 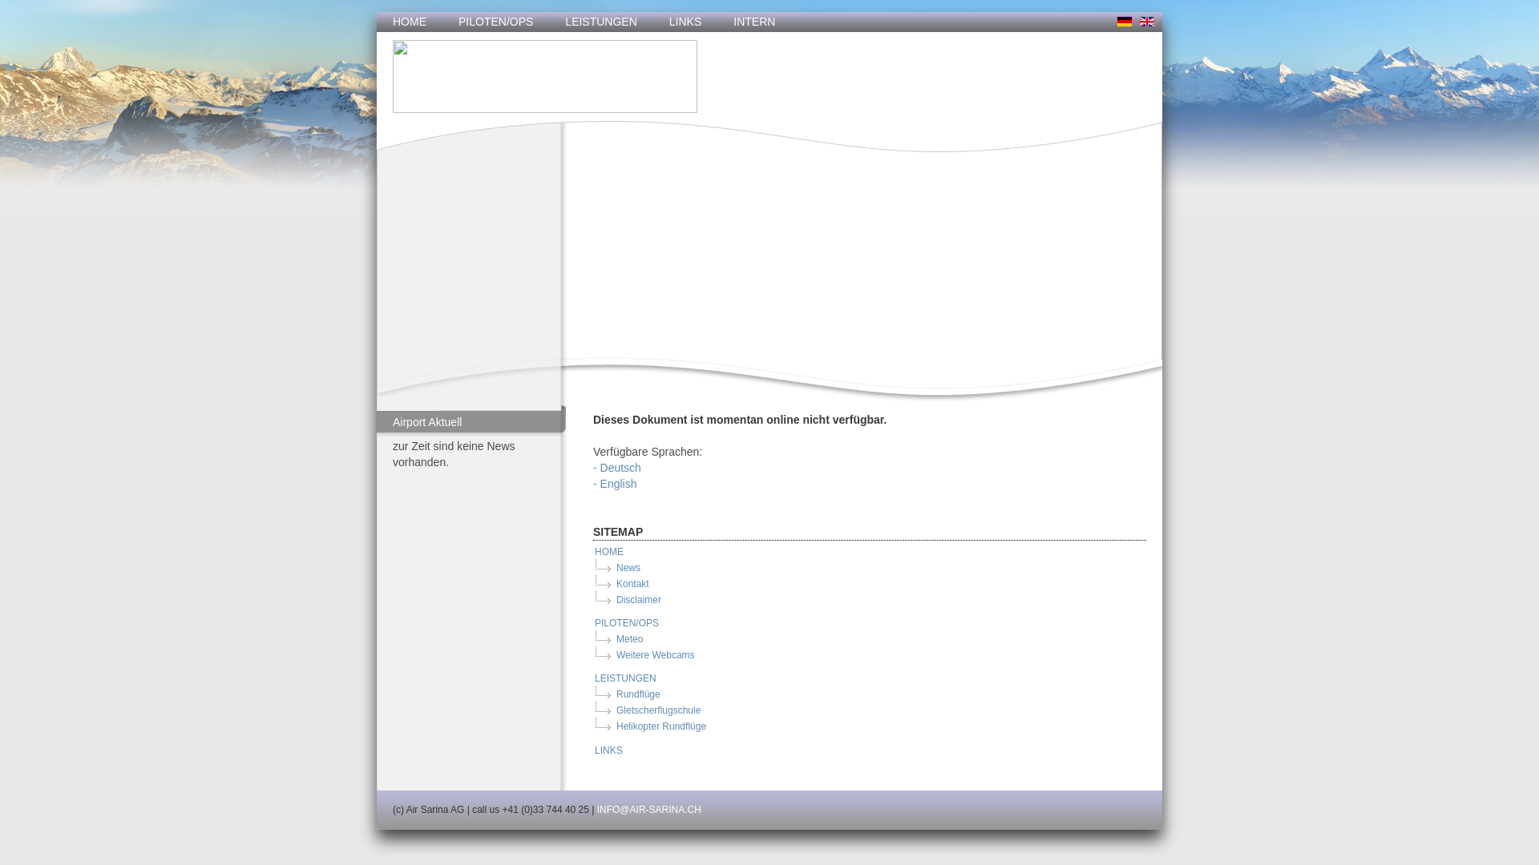 I want to click on 'Weitere Webcams', so click(x=654, y=654).